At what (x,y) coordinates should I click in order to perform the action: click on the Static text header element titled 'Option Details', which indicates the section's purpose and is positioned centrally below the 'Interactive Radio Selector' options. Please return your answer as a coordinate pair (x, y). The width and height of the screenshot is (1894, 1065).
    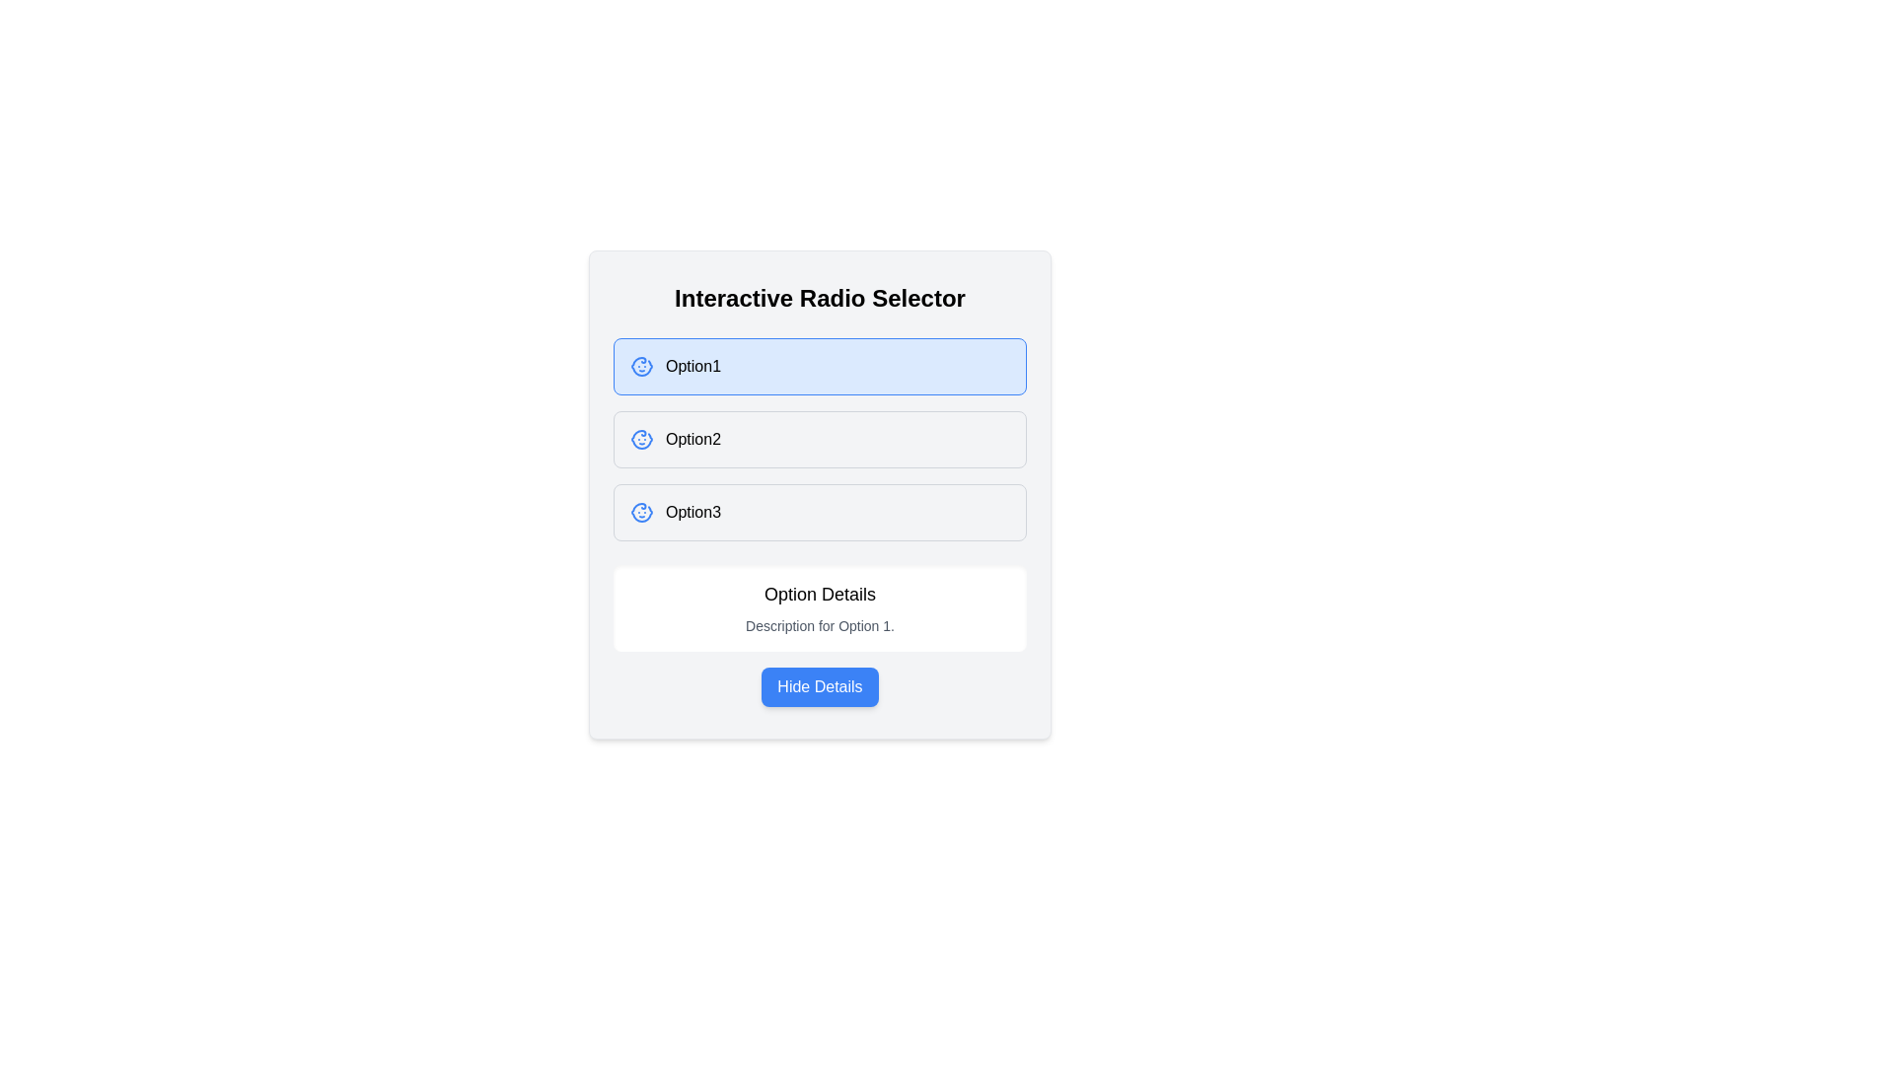
    Looking at the image, I should click on (820, 593).